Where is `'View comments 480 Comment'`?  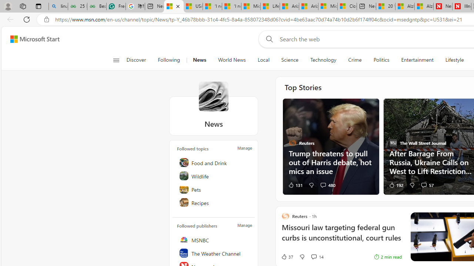
'View comments 480 Comment' is located at coordinates (327, 184).